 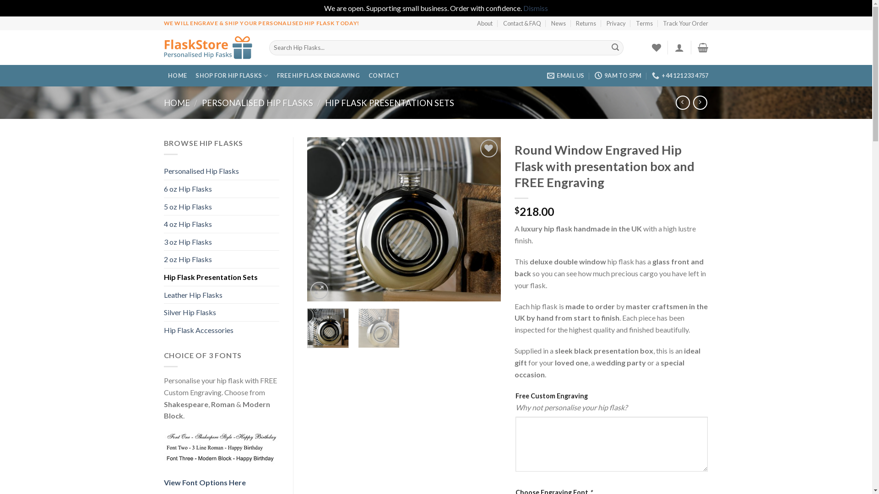 I want to click on 'Hip Flask Accessories', so click(x=164, y=330).